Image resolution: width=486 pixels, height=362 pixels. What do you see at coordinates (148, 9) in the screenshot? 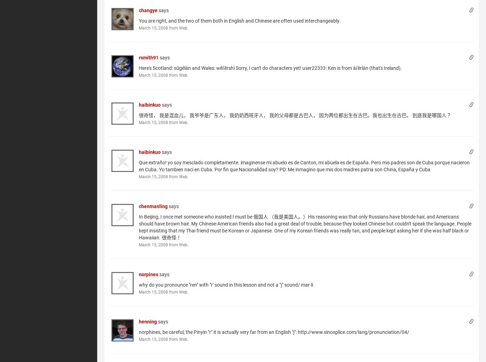
I see `'changye'` at bounding box center [148, 9].